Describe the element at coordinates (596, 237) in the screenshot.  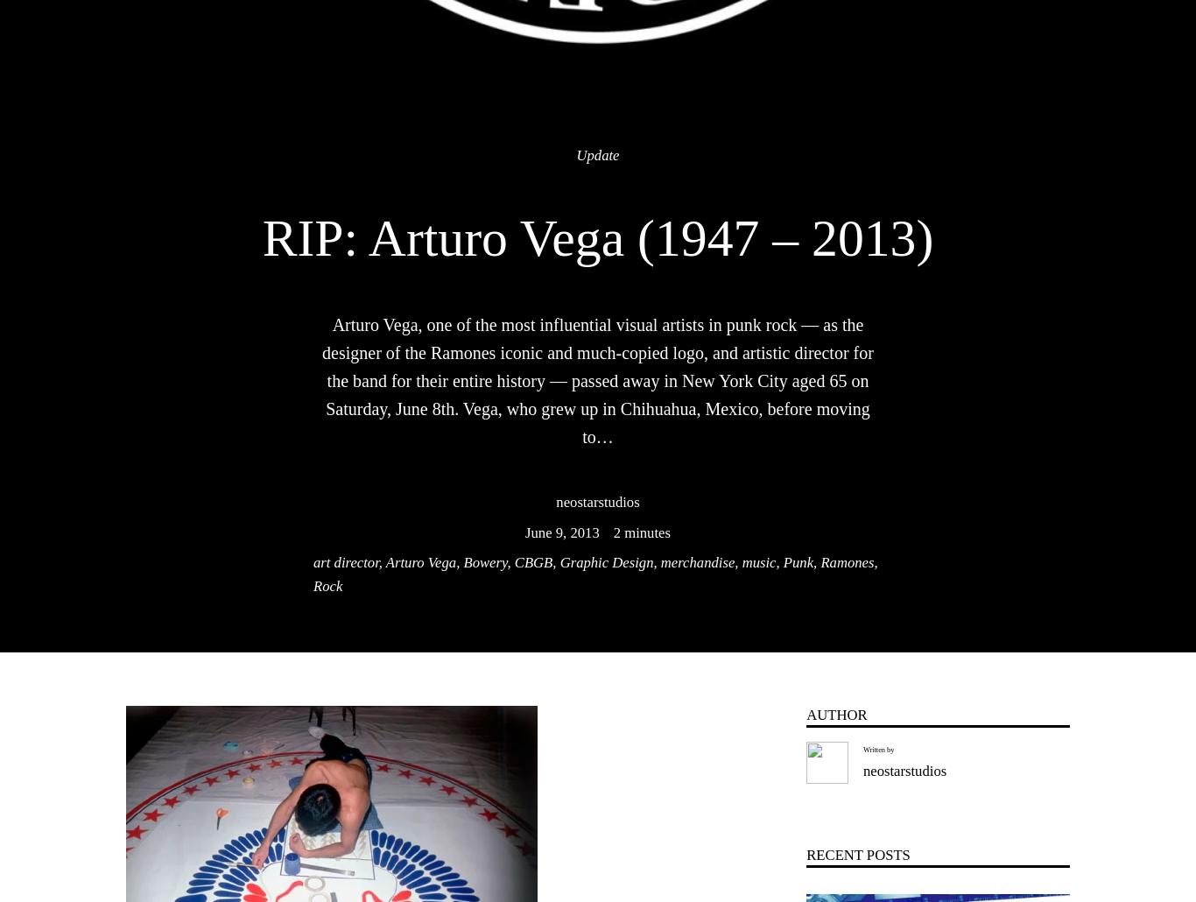
I see `'RIP: Arturo Vega (1947 – 2013)'` at that location.